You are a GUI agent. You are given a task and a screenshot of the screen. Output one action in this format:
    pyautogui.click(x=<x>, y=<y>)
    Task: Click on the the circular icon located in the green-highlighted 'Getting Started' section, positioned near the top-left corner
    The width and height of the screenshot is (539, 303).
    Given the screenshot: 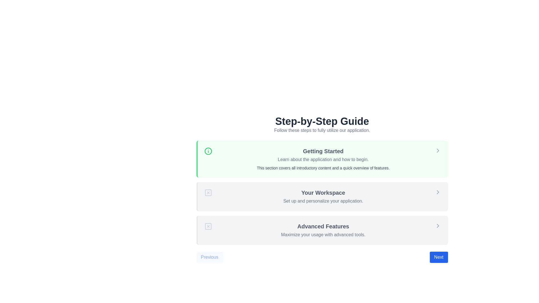 What is the action you would take?
    pyautogui.click(x=208, y=151)
    